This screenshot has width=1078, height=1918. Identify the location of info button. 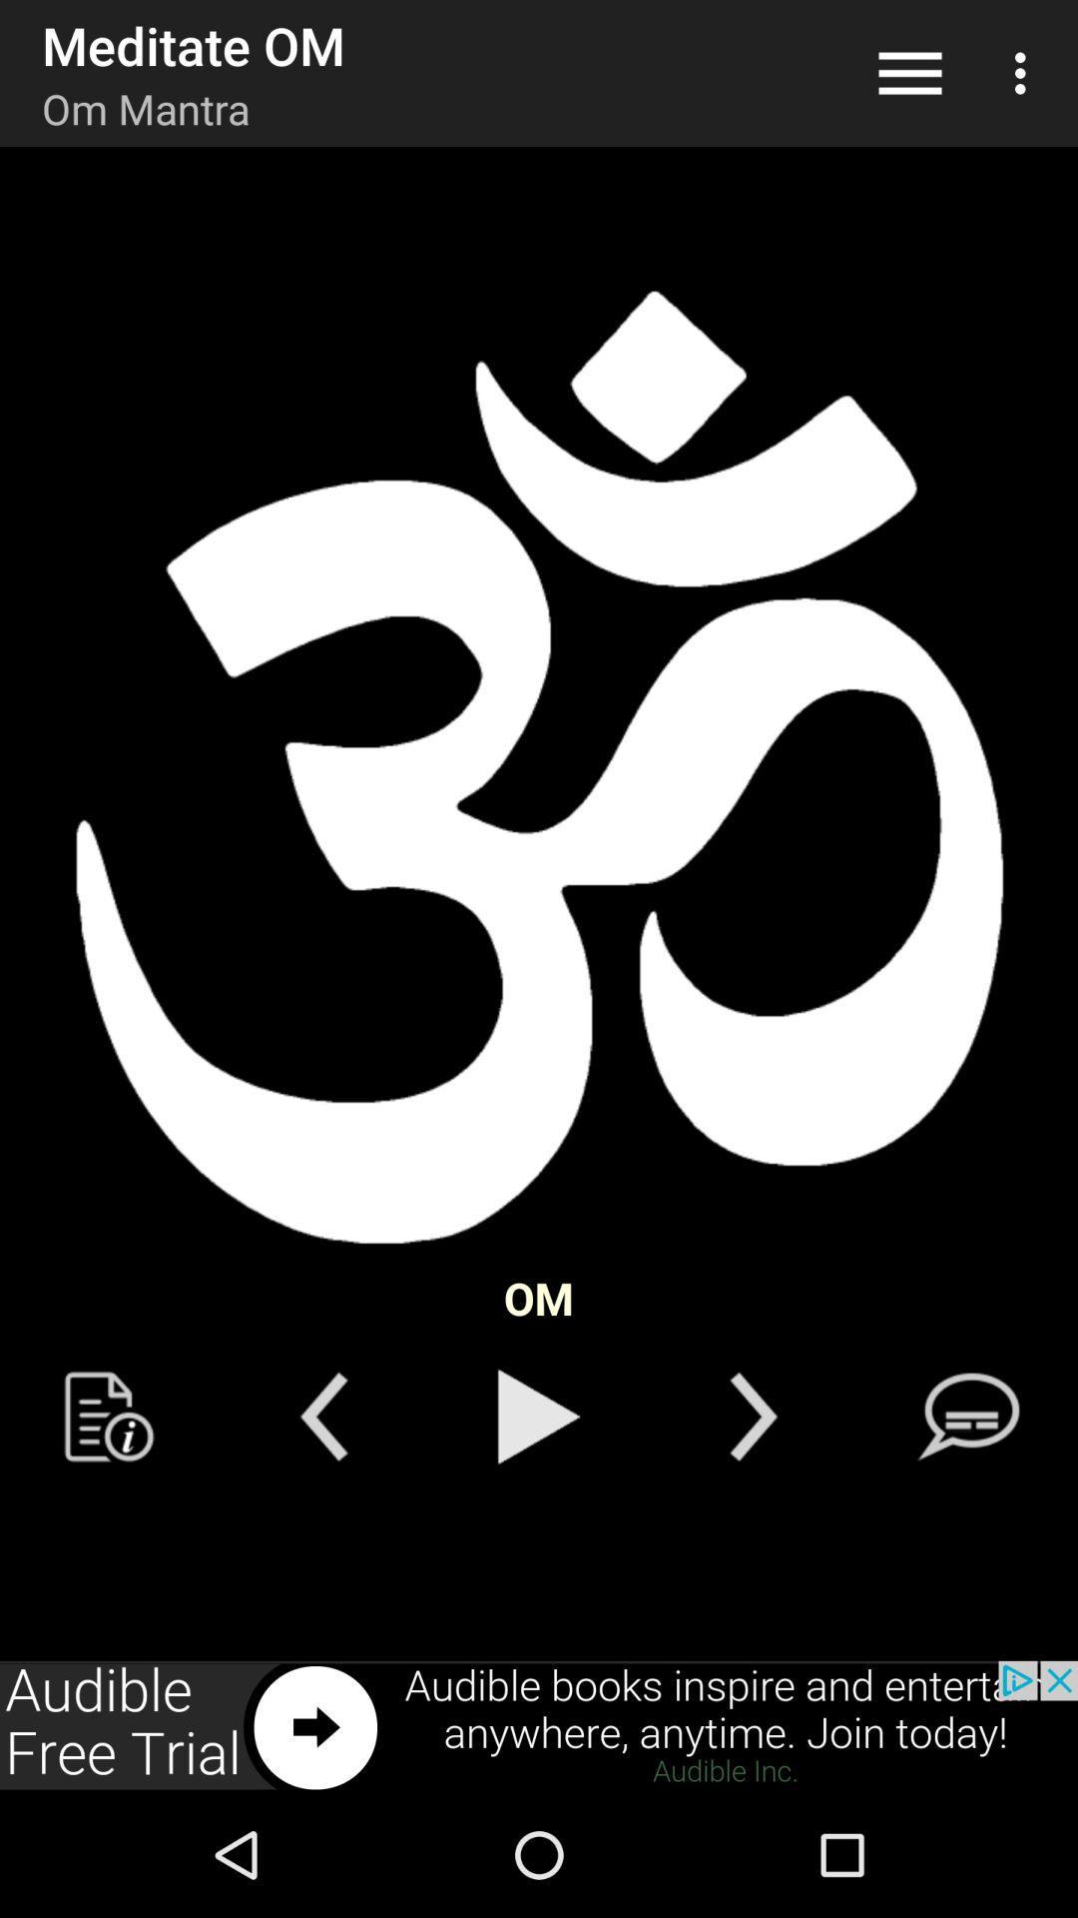
(109, 1416).